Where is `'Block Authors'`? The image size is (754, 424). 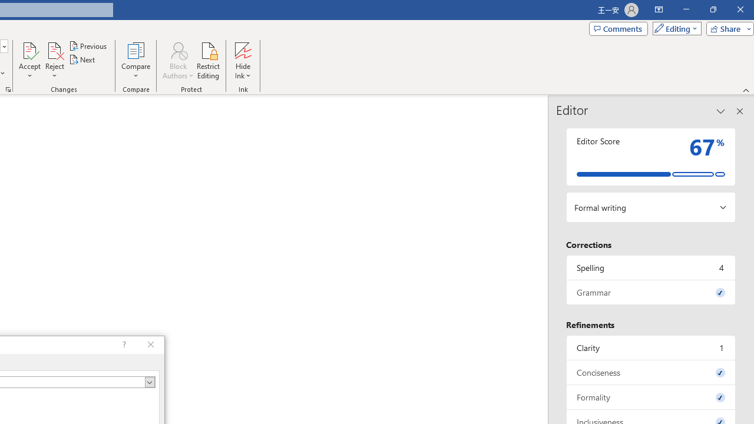
'Block Authors' is located at coordinates (177, 61).